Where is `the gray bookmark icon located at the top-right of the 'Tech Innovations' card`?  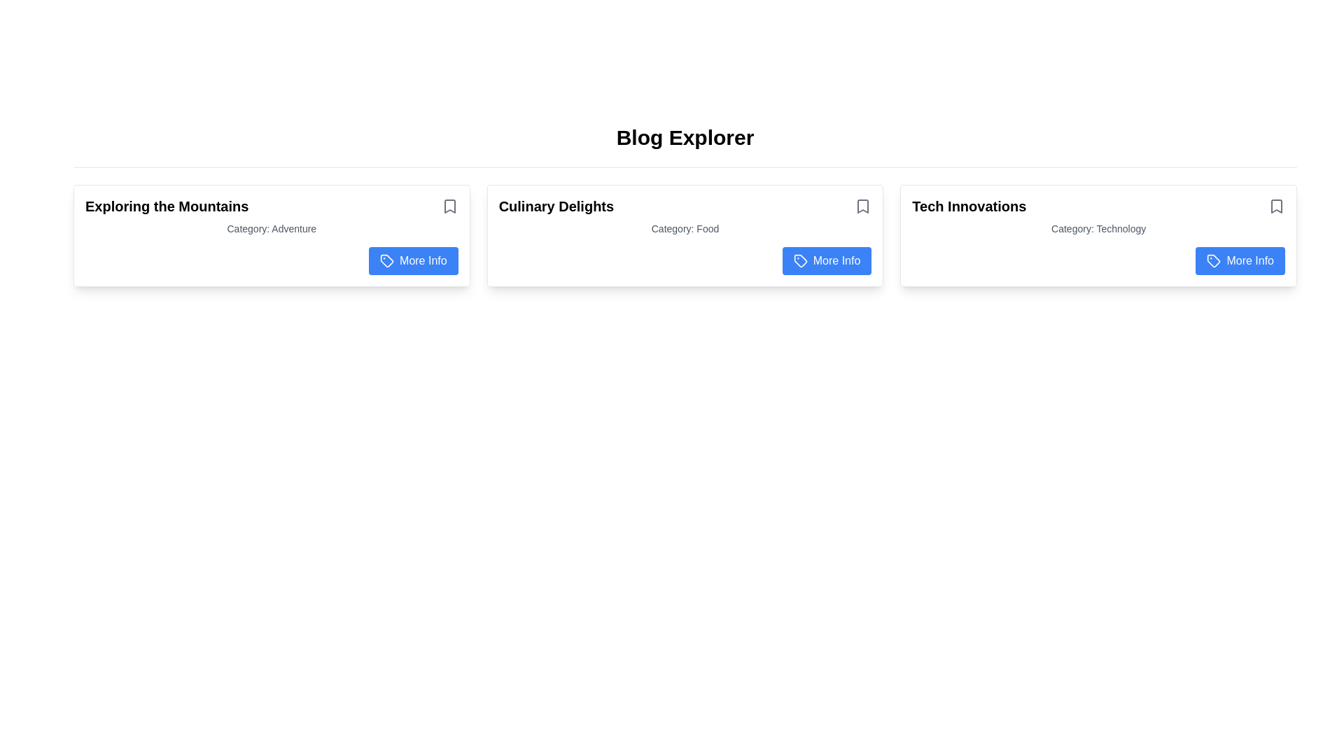
the gray bookmark icon located at the top-right of the 'Tech Innovations' card is located at coordinates (1277, 206).